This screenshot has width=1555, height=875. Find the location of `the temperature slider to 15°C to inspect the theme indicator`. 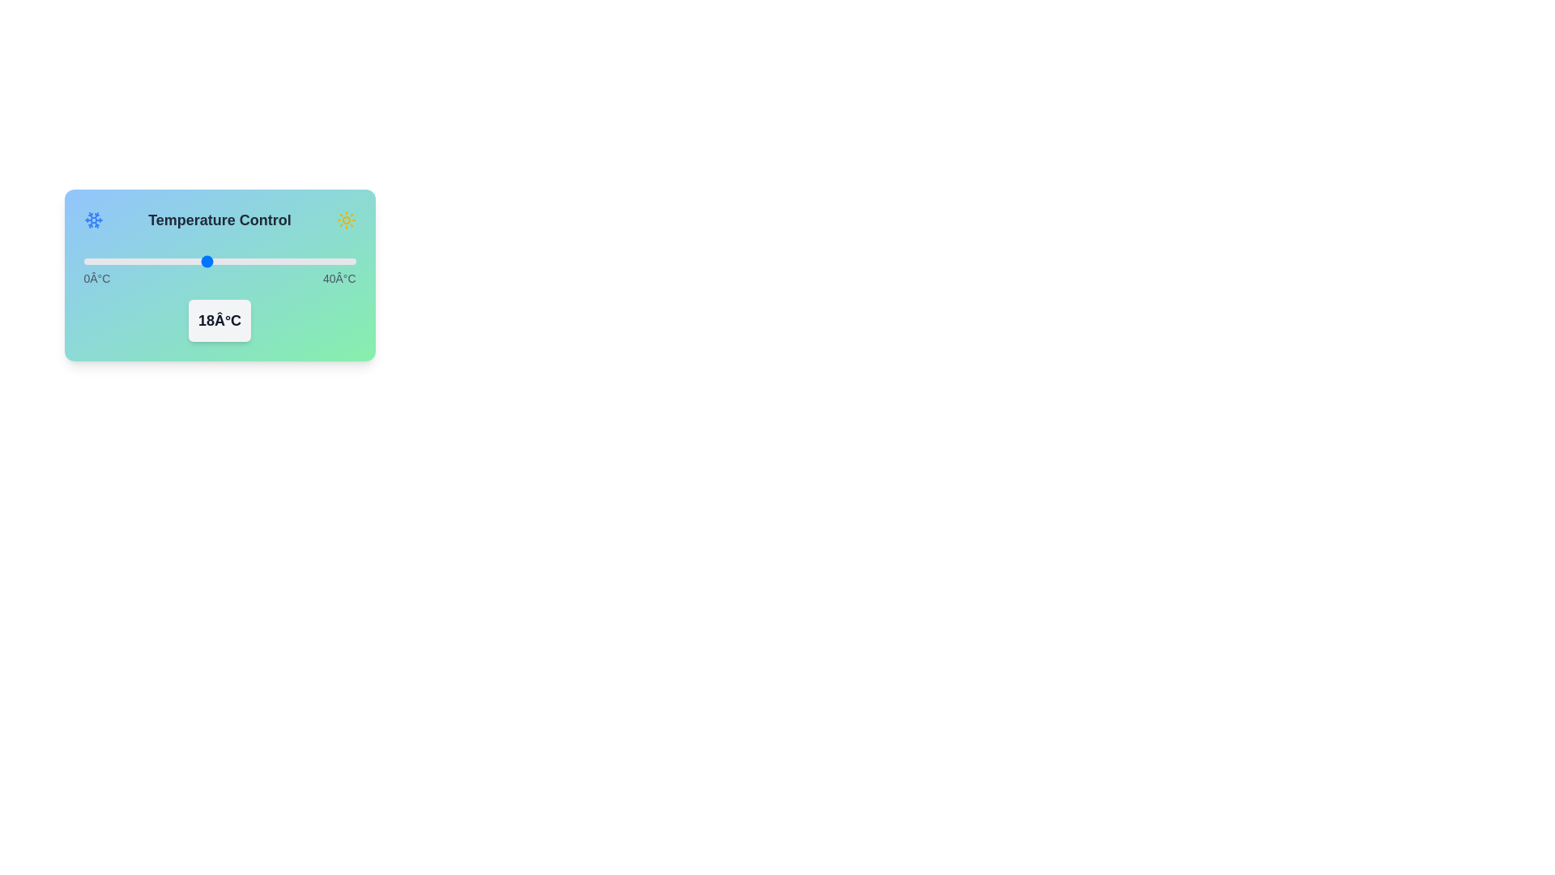

the temperature slider to 15°C to inspect the theme indicator is located at coordinates (185, 261).